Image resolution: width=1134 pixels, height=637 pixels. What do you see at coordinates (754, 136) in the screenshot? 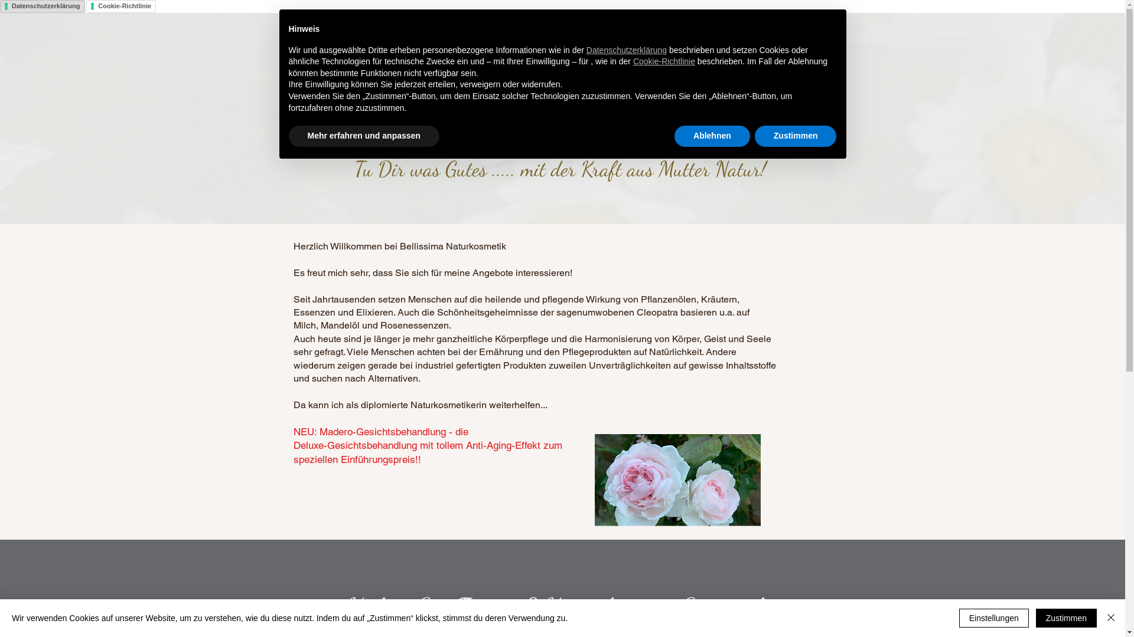
I see `'Zustimmen'` at bounding box center [754, 136].